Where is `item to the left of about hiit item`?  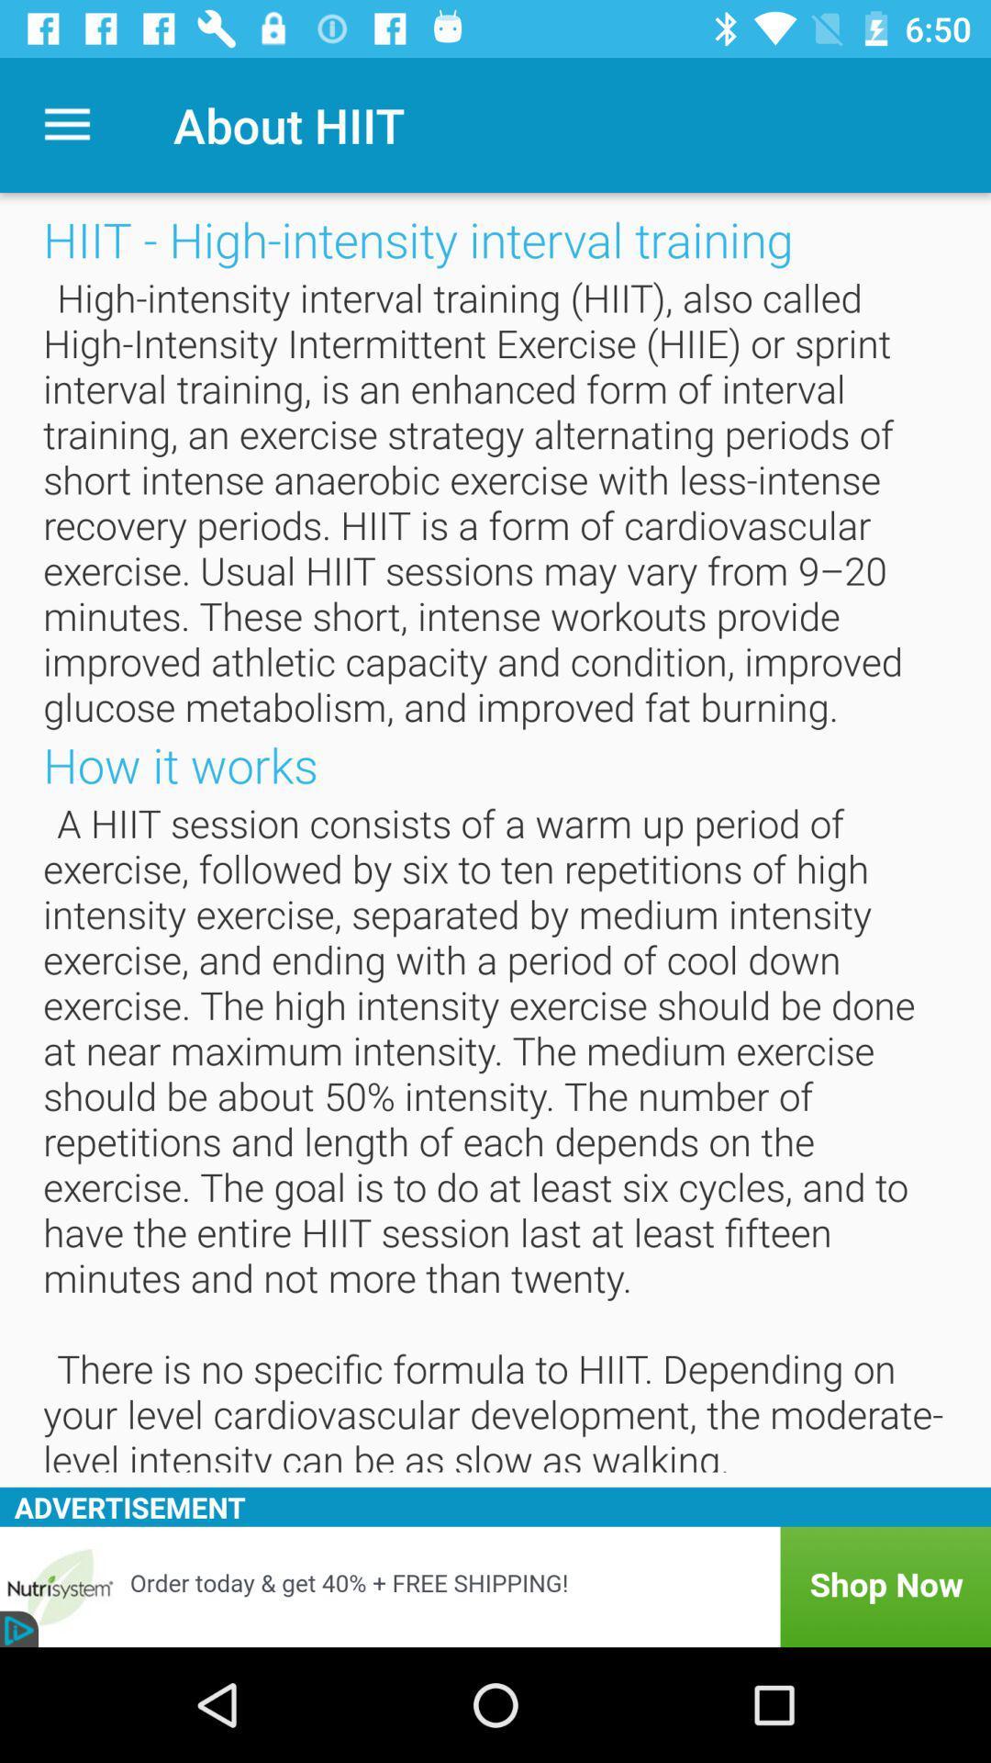 item to the left of about hiit item is located at coordinates (66, 124).